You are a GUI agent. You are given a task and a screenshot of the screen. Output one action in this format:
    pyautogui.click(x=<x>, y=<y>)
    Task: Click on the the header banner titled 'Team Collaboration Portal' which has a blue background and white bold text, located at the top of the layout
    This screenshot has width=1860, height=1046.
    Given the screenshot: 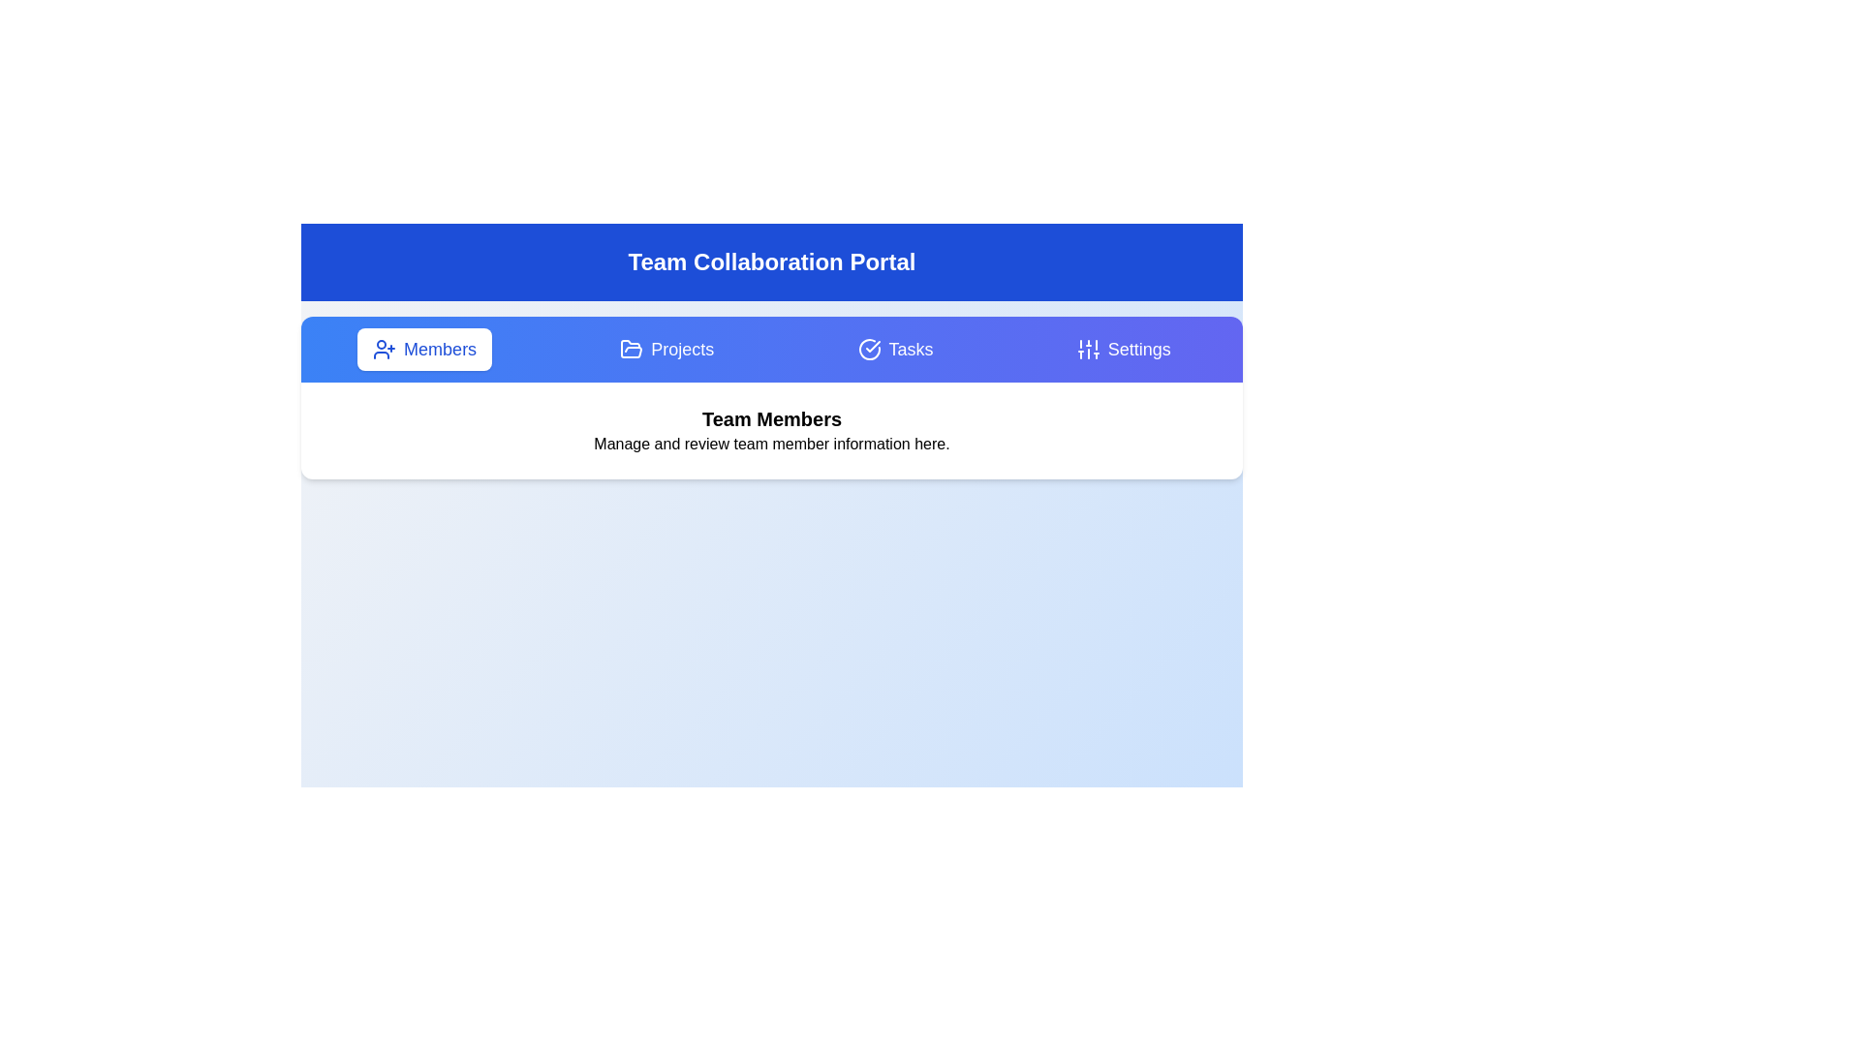 What is the action you would take?
    pyautogui.click(x=770, y=261)
    